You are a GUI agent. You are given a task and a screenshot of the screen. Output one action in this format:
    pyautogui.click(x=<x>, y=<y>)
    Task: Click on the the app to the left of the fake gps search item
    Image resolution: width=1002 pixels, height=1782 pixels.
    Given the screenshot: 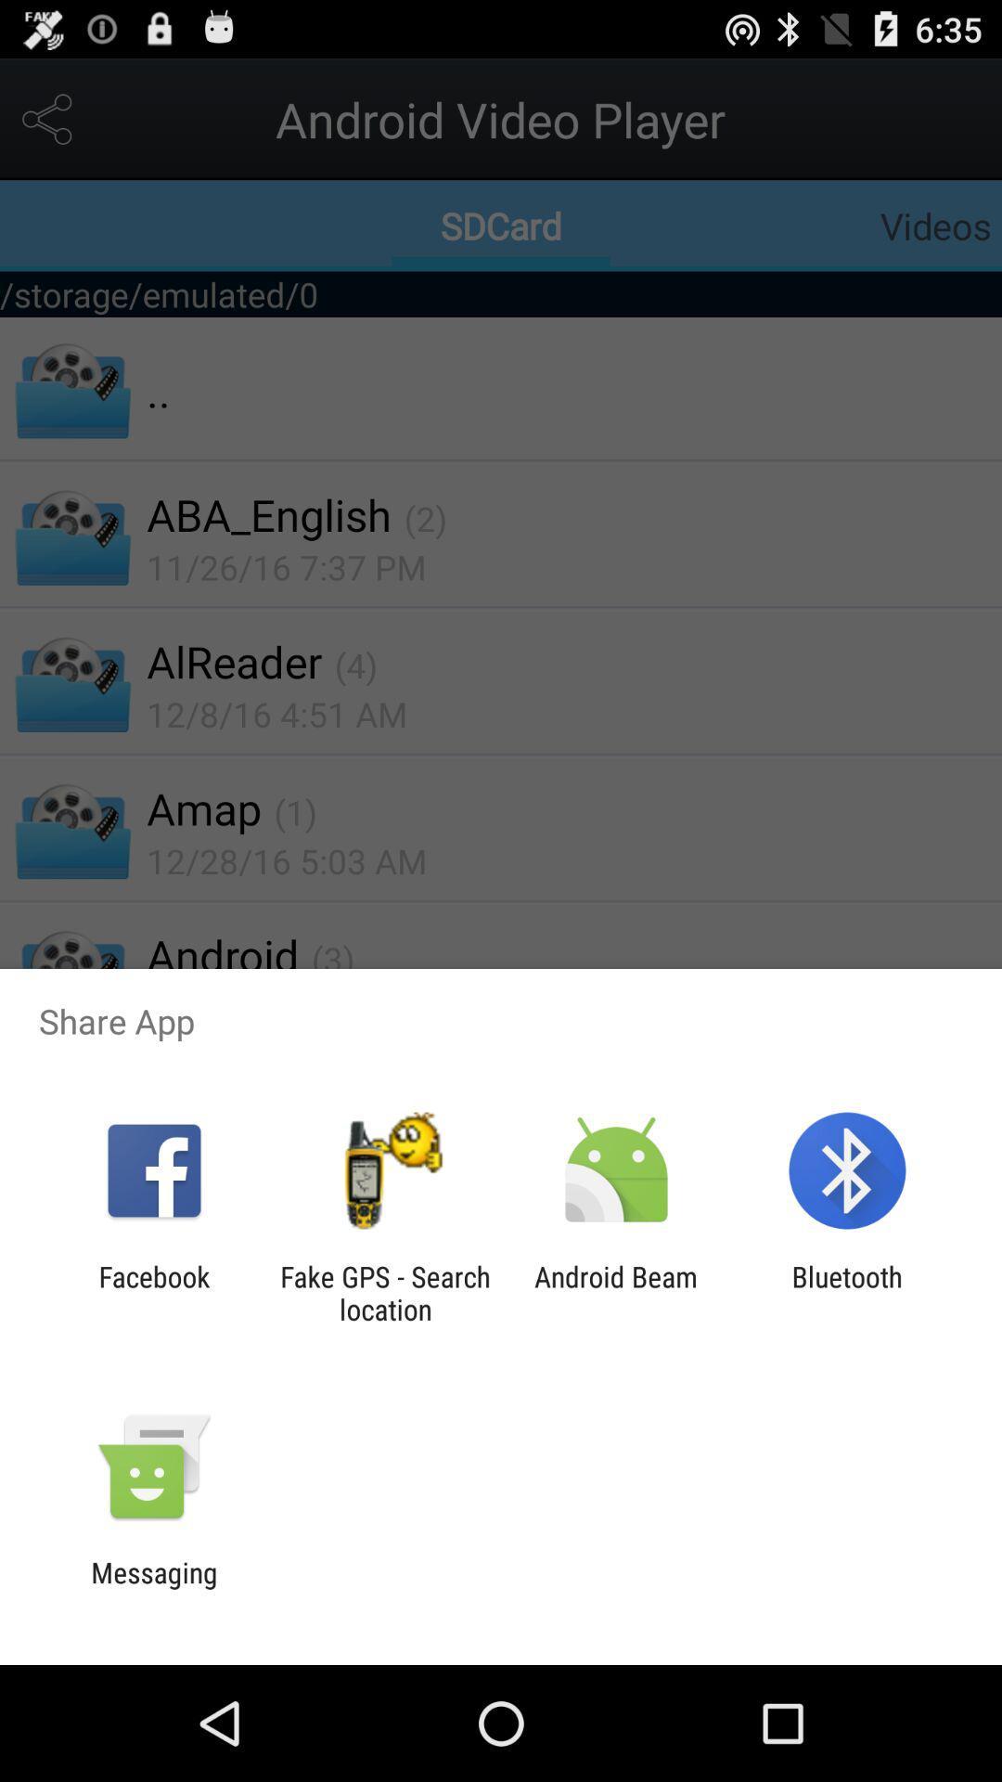 What is the action you would take?
    pyautogui.click(x=153, y=1292)
    